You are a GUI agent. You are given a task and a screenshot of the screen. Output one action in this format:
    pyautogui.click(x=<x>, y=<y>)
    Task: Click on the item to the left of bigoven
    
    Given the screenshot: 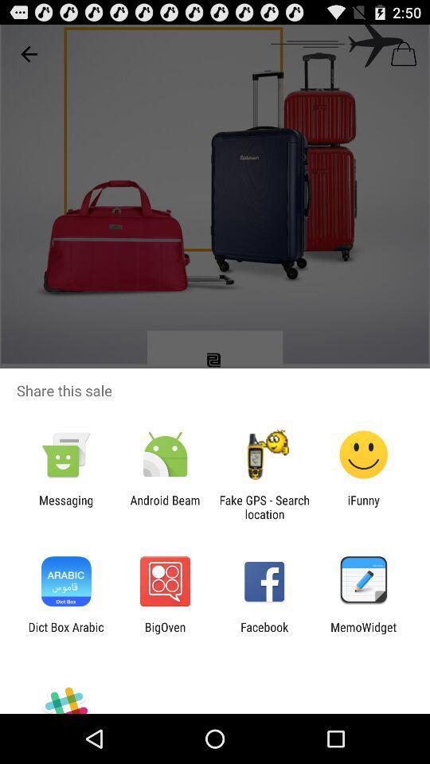 What is the action you would take?
    pyautogui.click(x=65, y=633)
    